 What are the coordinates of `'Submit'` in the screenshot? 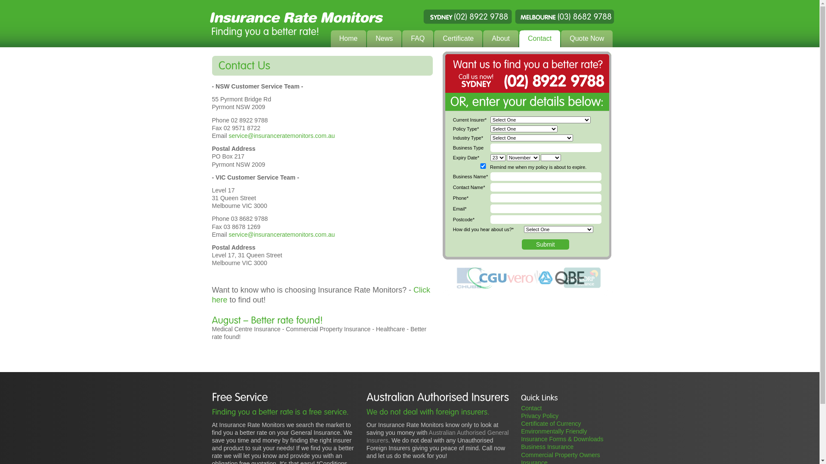 It's located at (545, 244).